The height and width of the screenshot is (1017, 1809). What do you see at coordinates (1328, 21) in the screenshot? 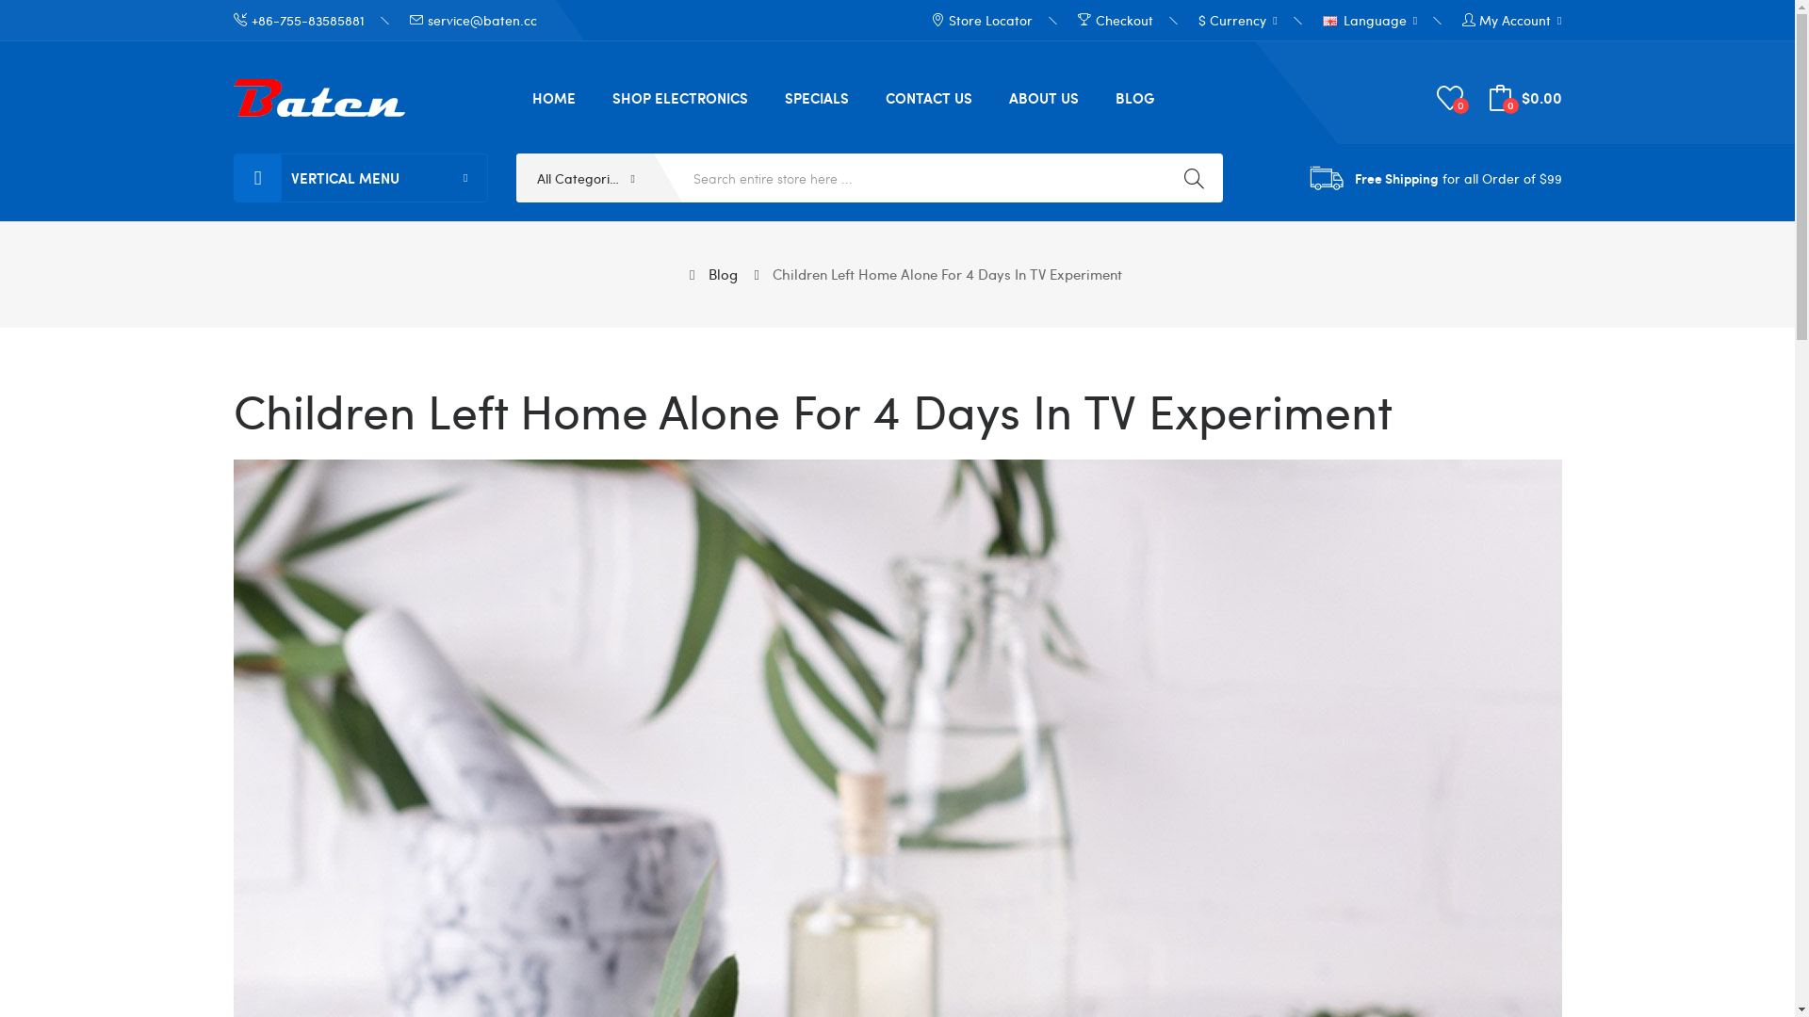
I see `'English'` at bounding box center [1328, 21].